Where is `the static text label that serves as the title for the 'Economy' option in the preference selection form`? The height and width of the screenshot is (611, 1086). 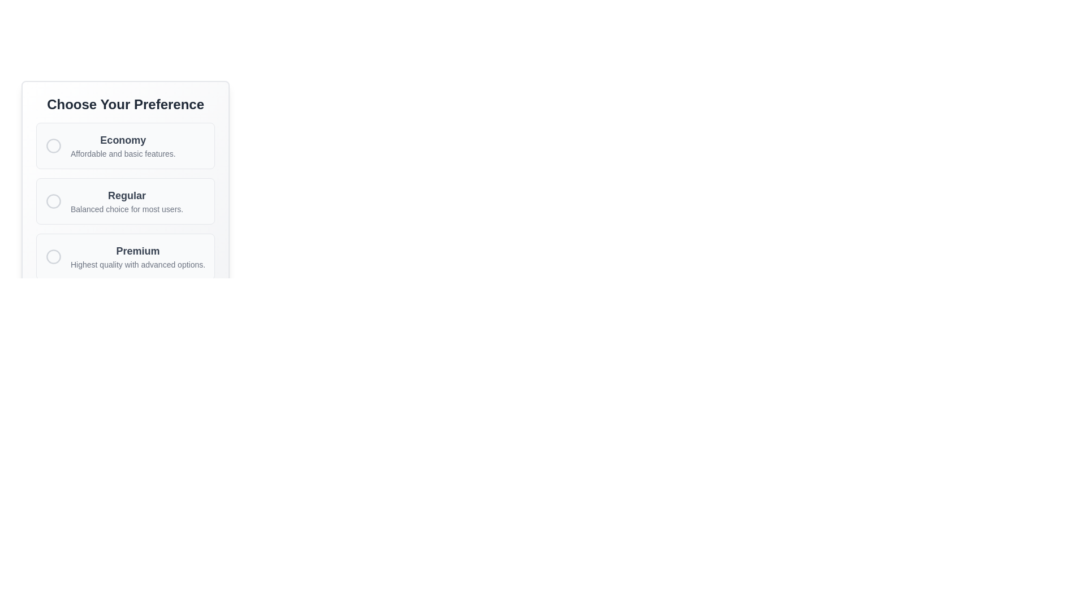 the static text label that serves as the title for the 'Economy' option in the preference selection form is located at coordinates (123, 139).